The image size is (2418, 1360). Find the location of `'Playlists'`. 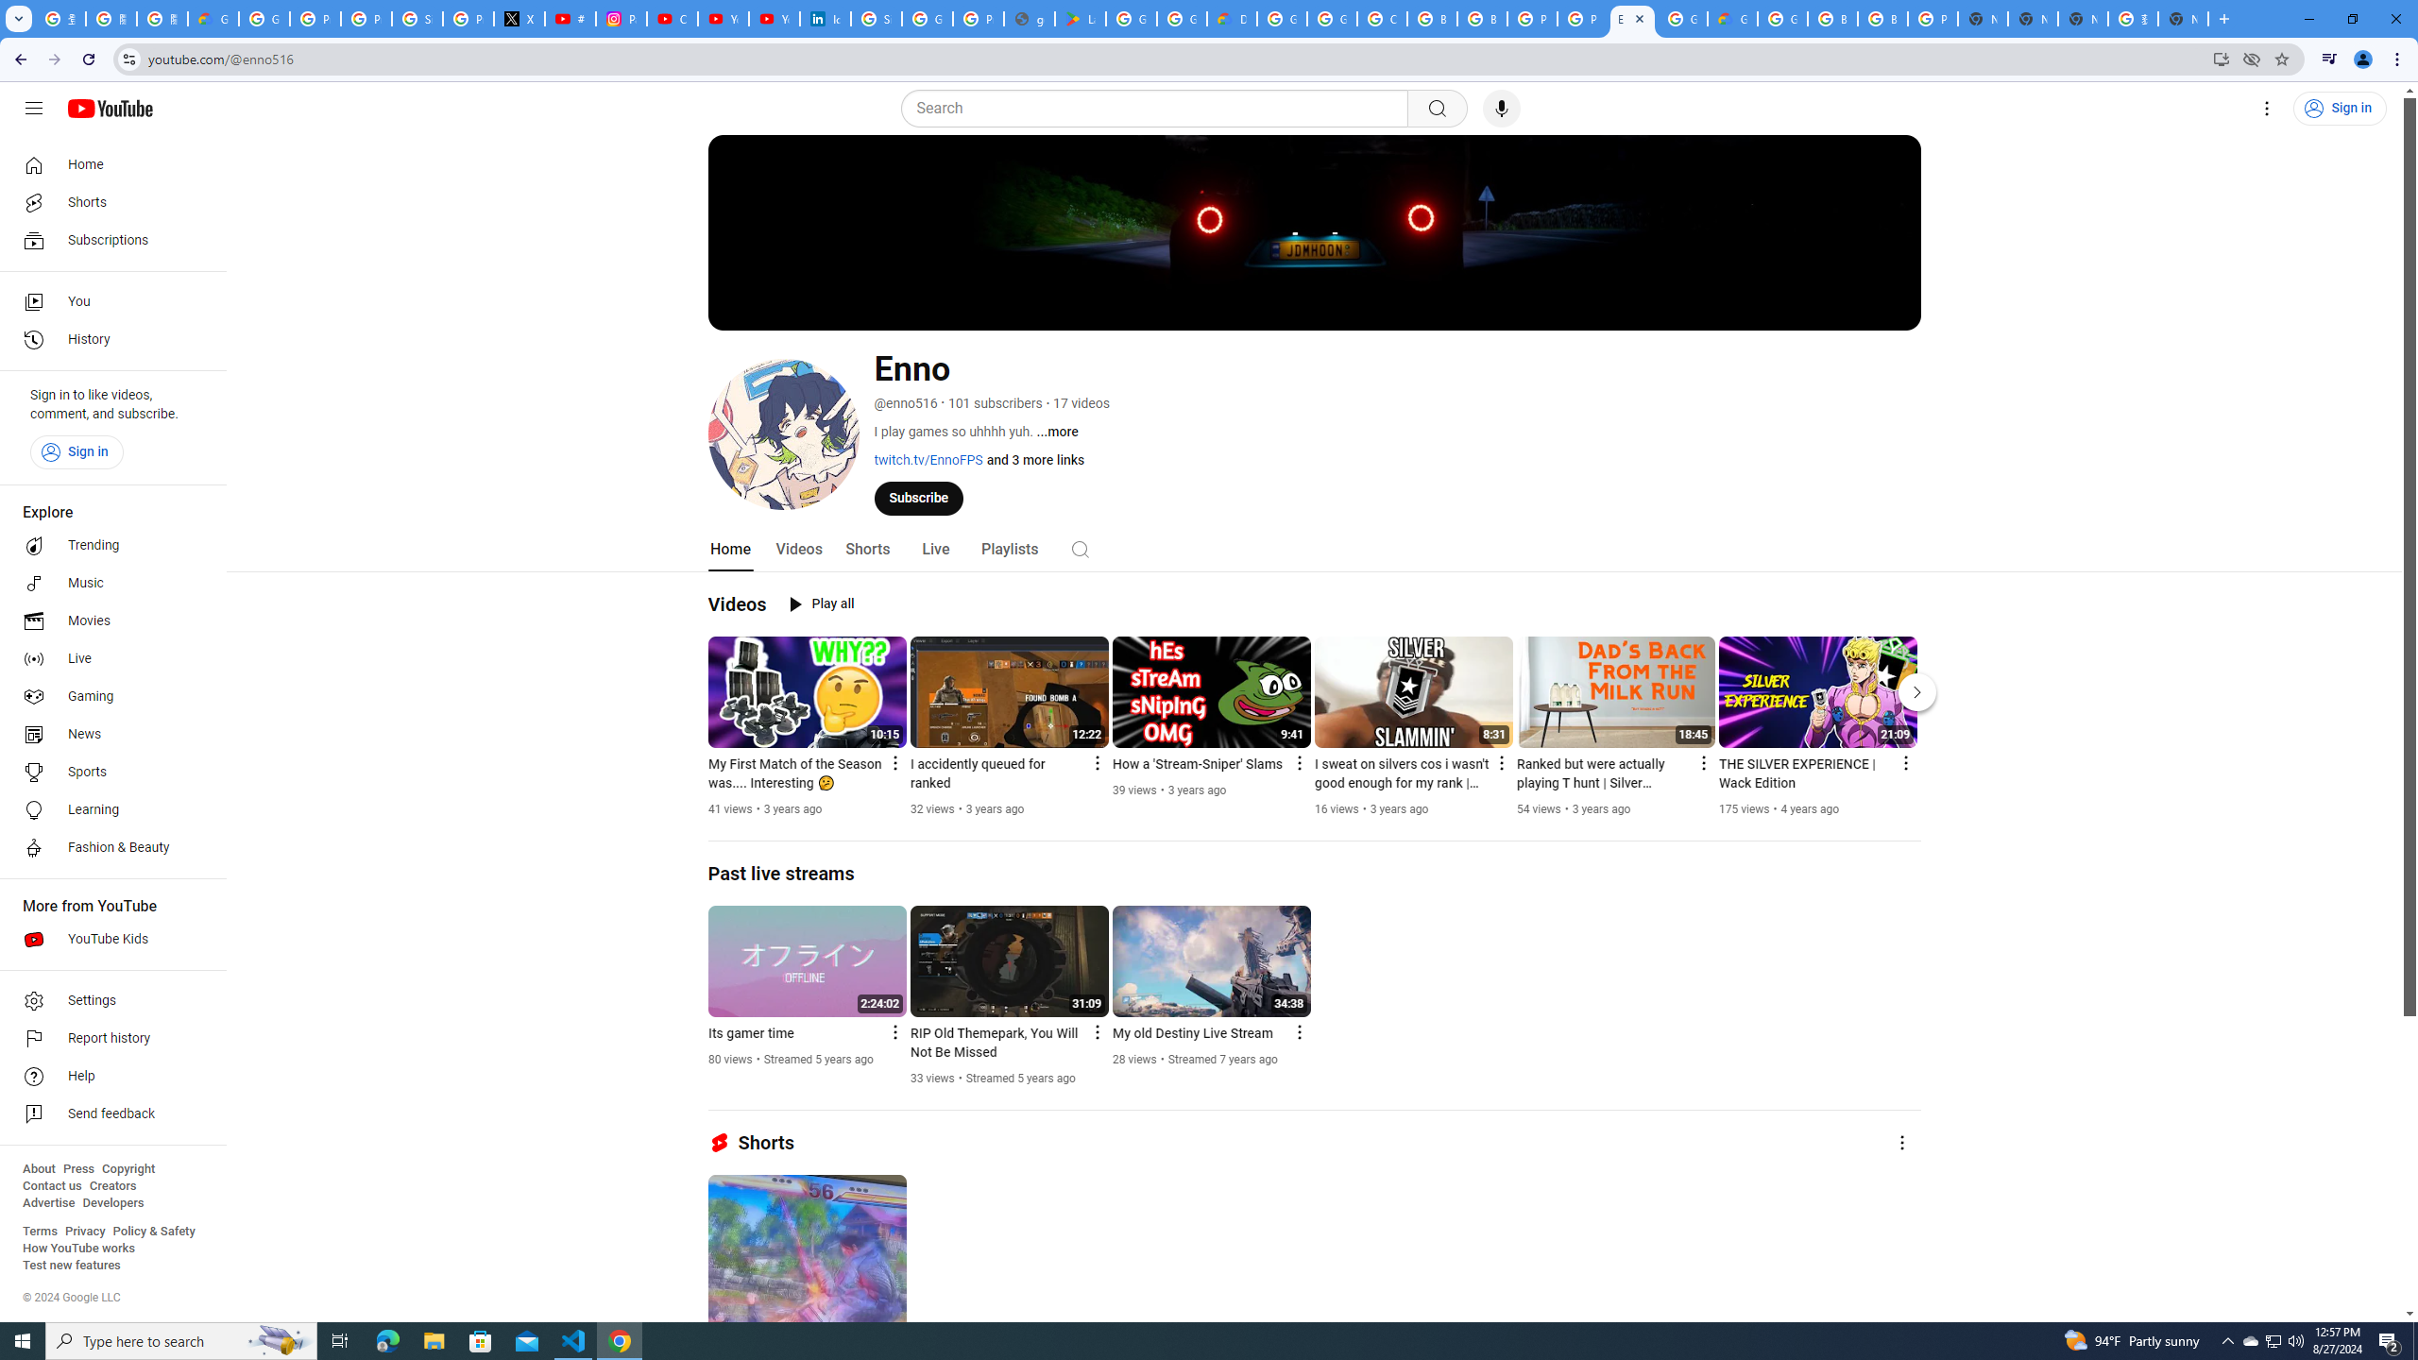

'Playlists' is located at coordinates (1009, 549).